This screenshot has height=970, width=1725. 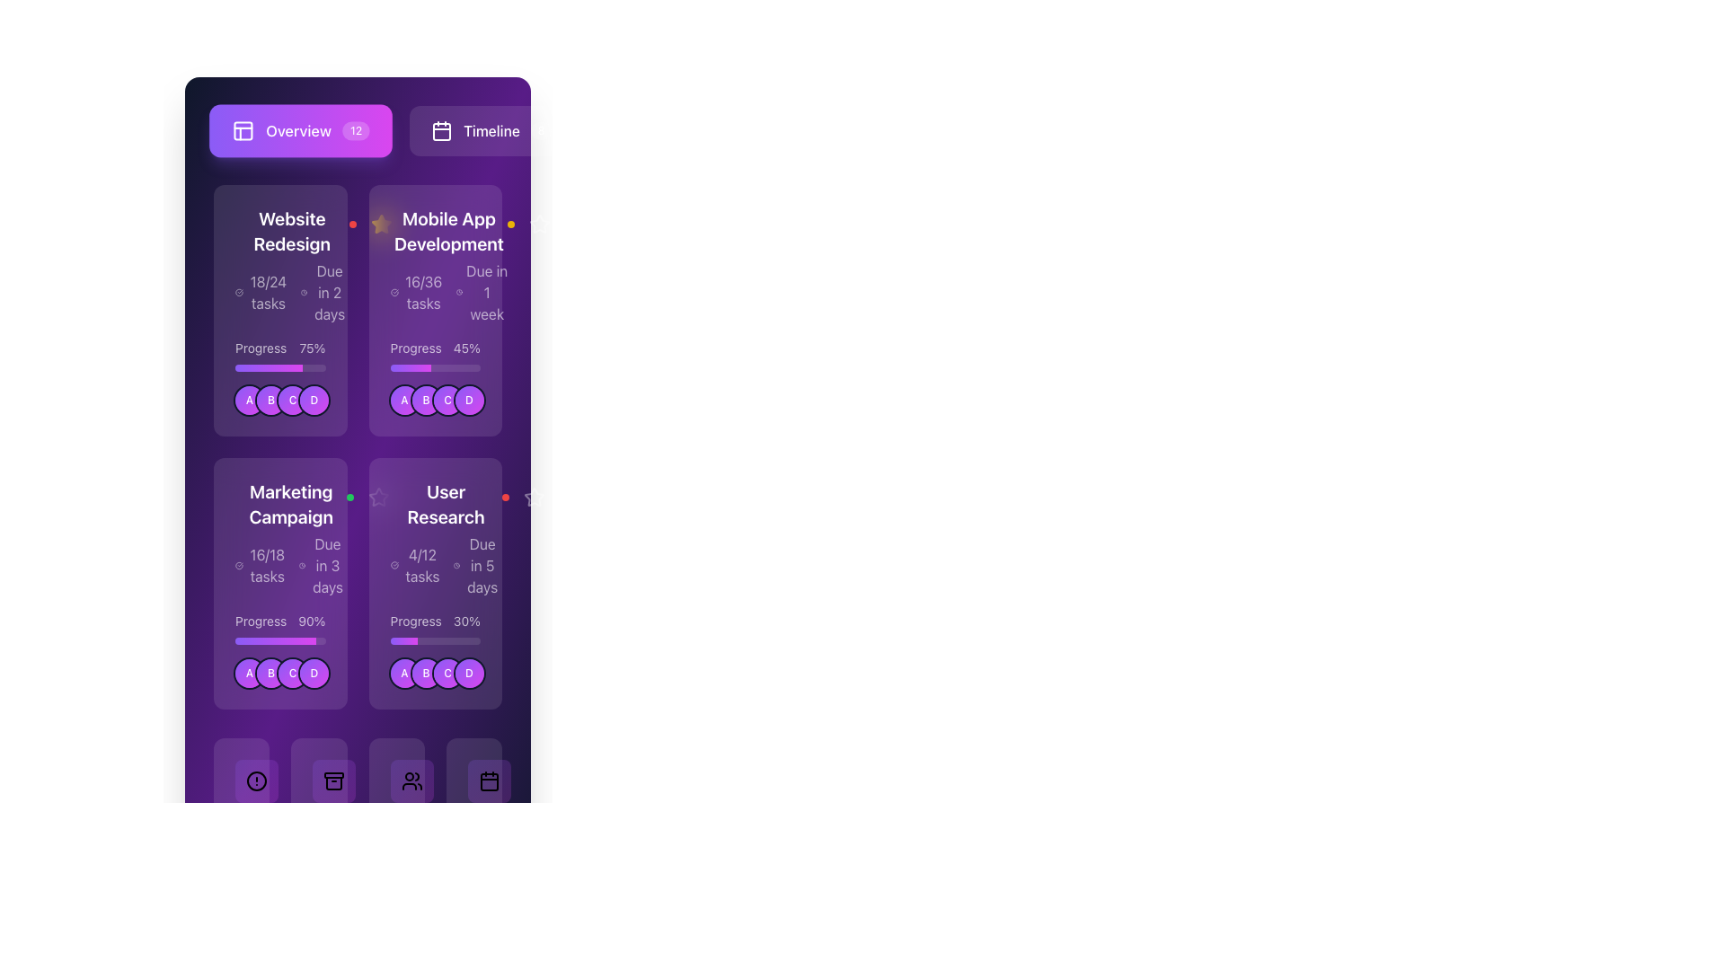 What do you see at coordinates (402, 639) in the screenshot?
I see `the filled portion of the progress bar segment within the 'User Research' card, which indicates the progress made towards a goal` at bounding box center [402, 639].